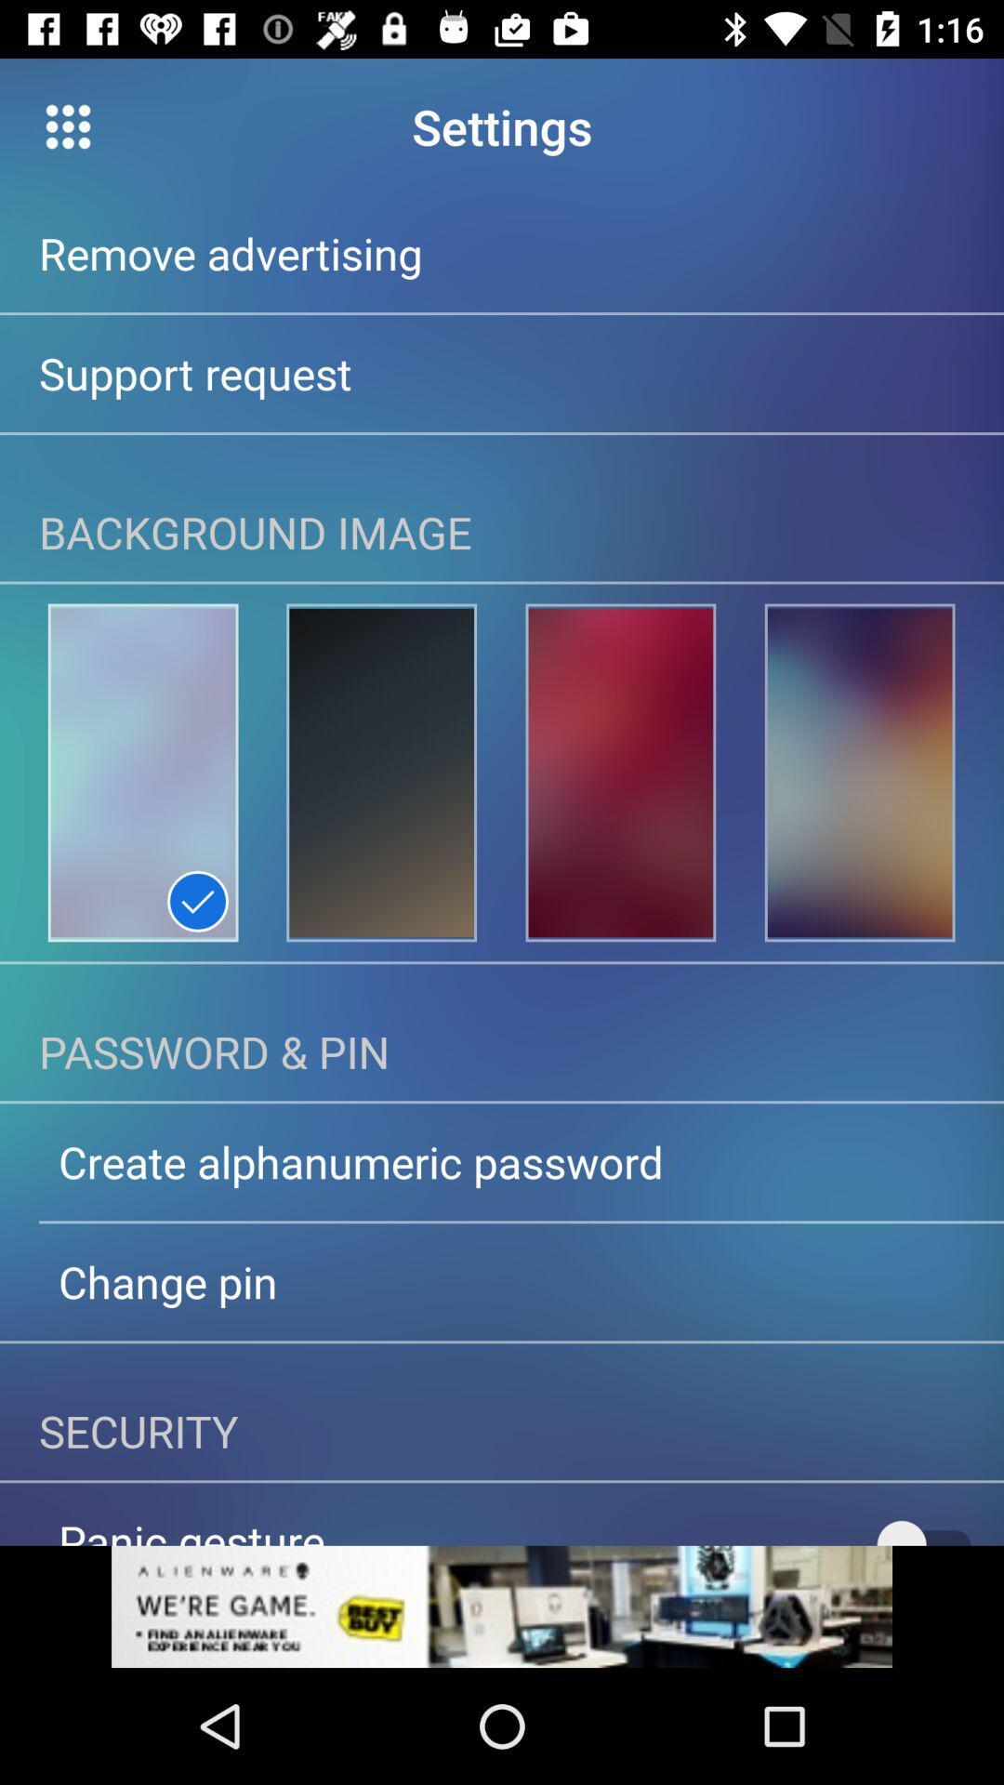 The width and height of the screenshot is (1004, 1785). What do you see at coordinates (502, 1606) in the screenshot?
I see `open advertisement` at bounding box center [502, 1606].